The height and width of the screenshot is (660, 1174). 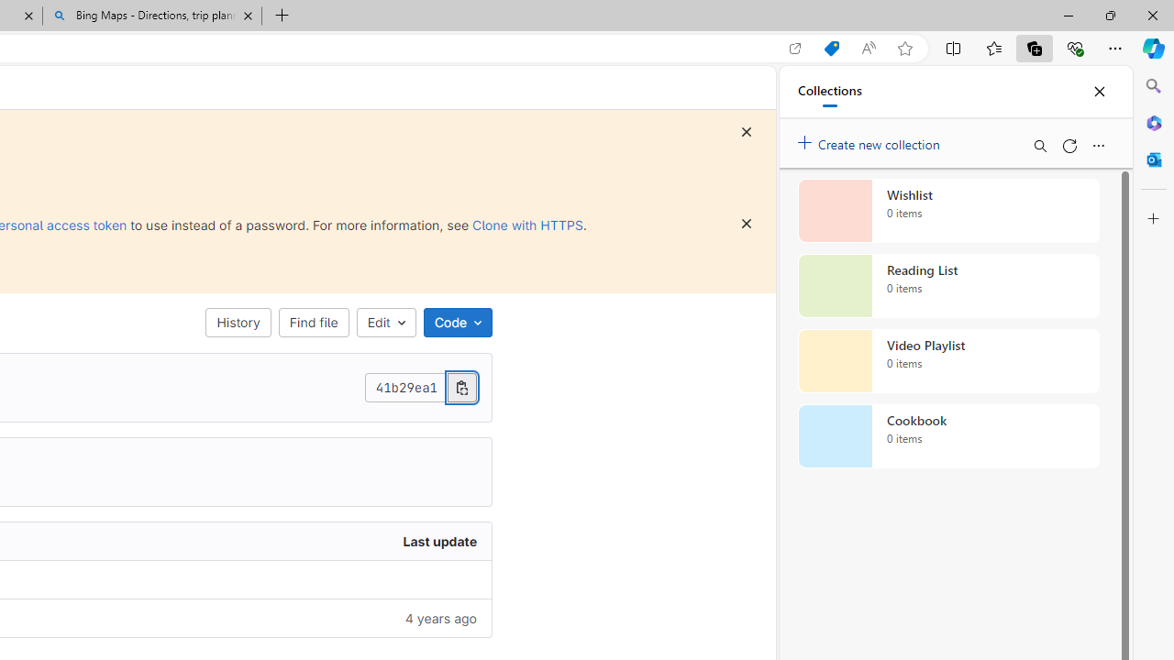 What do you see at coordinates (458, 322) in the screenshot?
I see `'Code'` at bounding box center [458, 322].